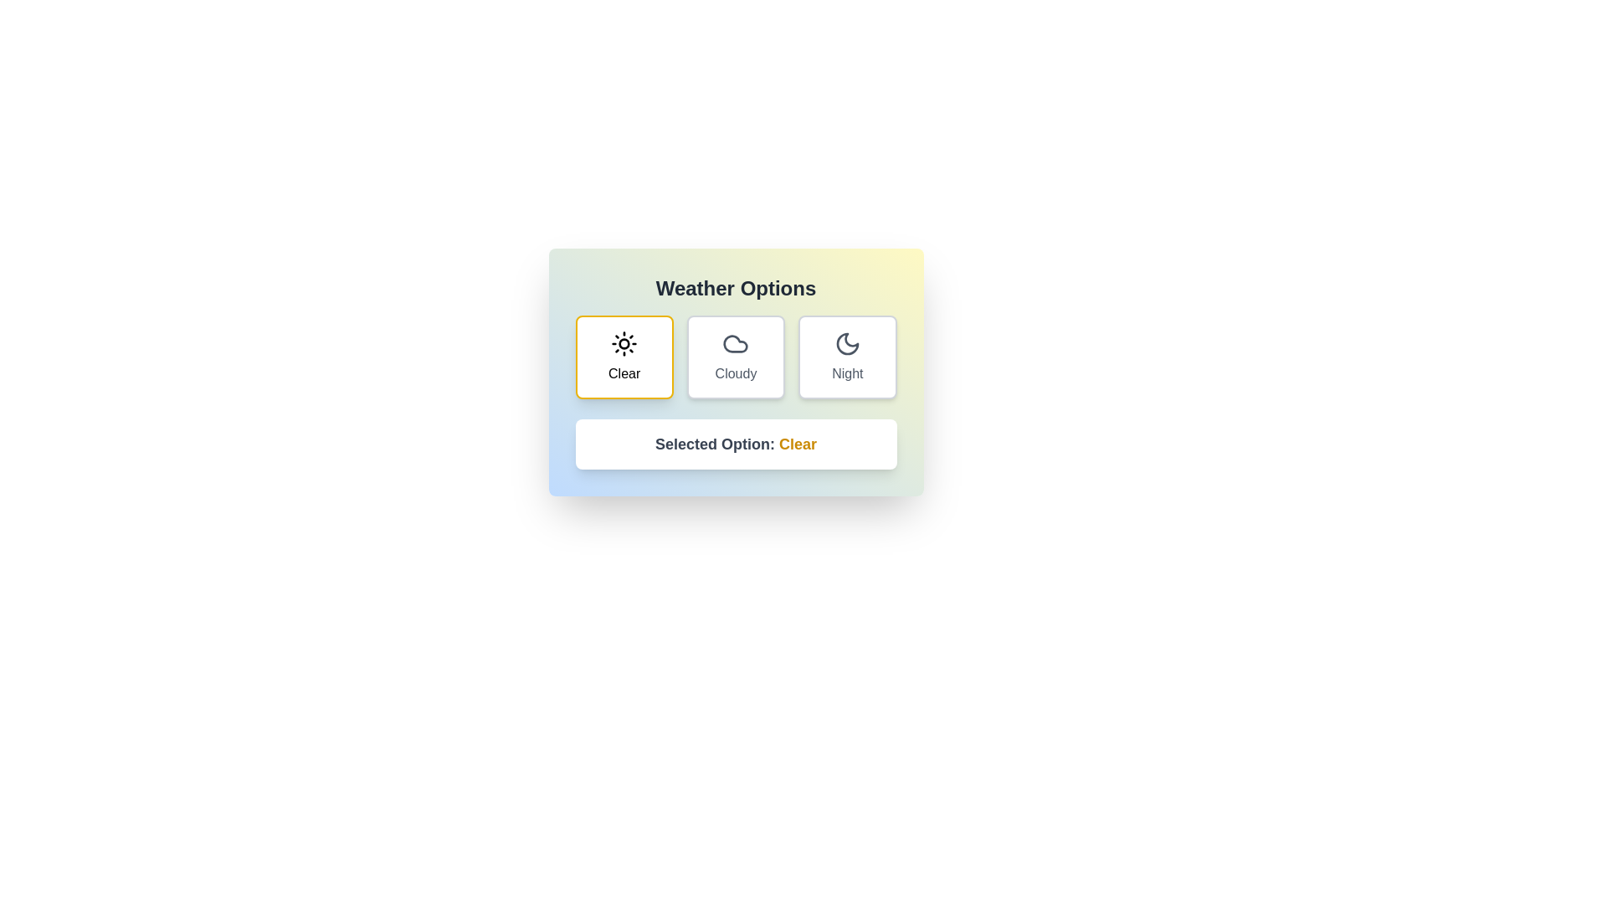 The width and height of the screenshot is (1607, 904). I want to click on the text label displaying 'Weather Options', which is styled in bold with a large font size and dark gray color on a light gradient background, located at the top of the weather selection card, so click(736, 287).